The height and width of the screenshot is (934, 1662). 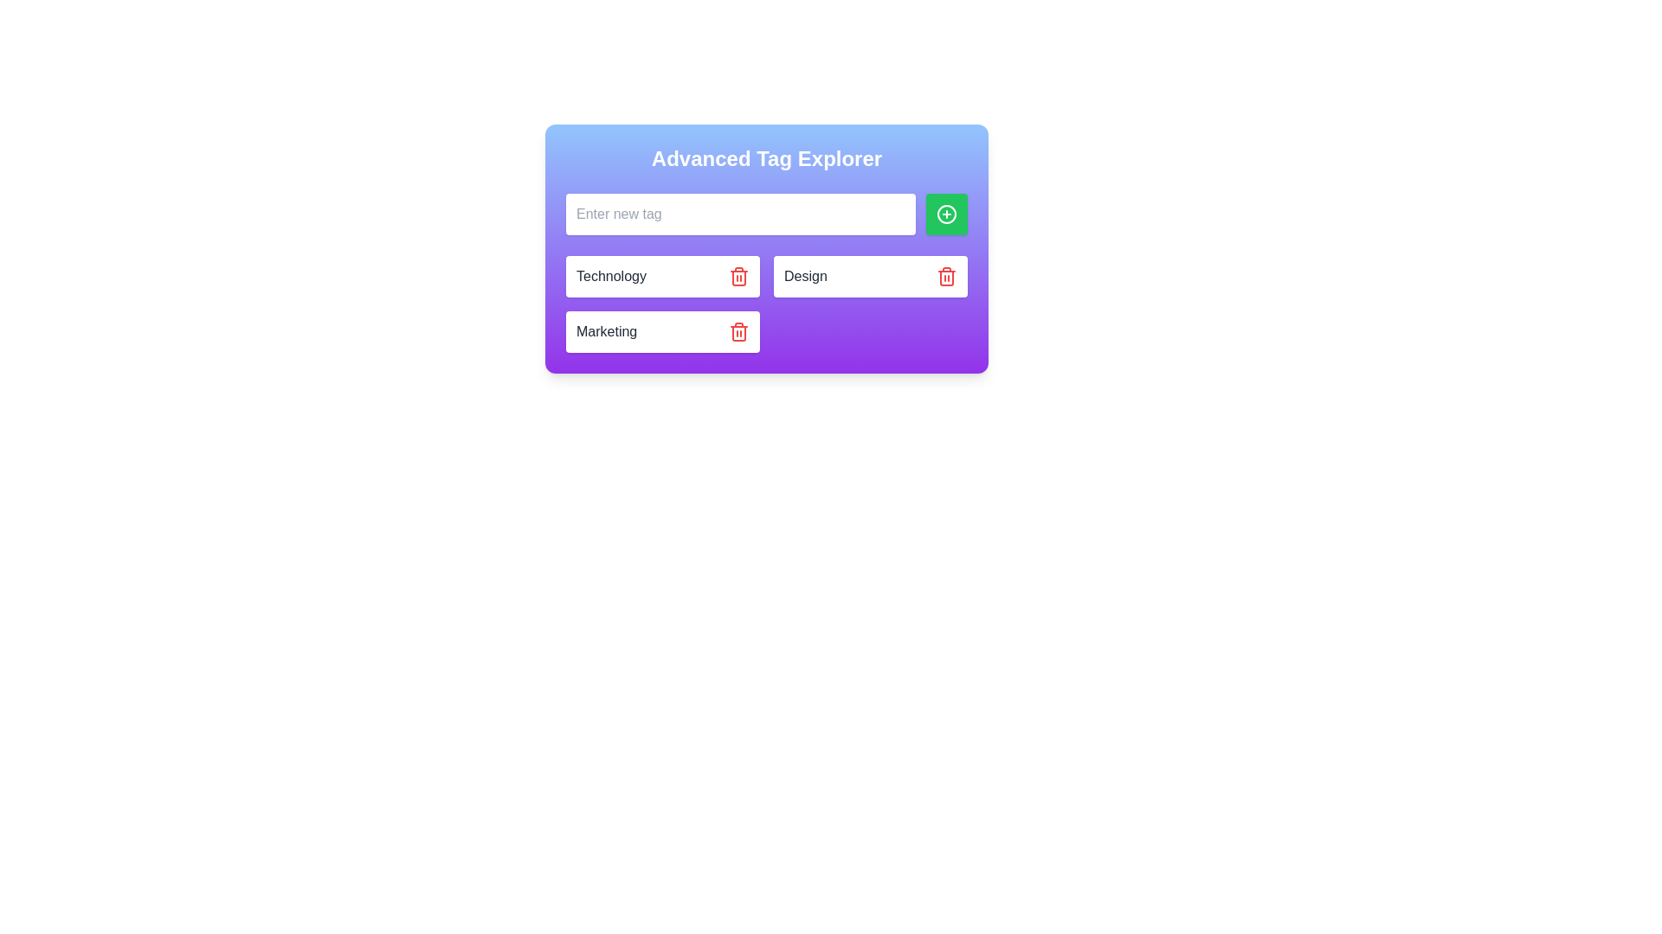 I want to click on the green button located within the tag management panel, so click(x=766, y=249).